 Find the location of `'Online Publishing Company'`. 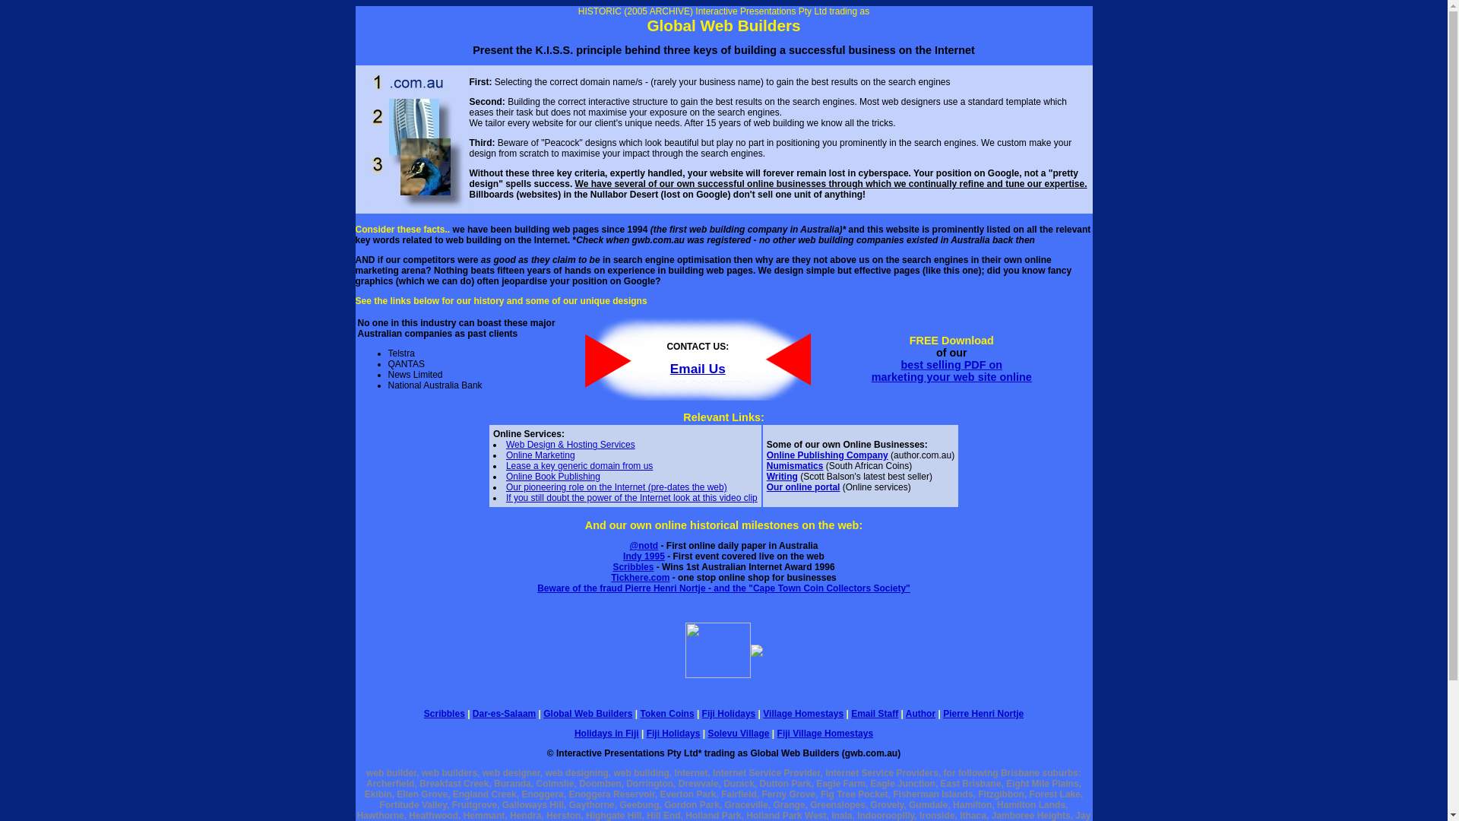

'Online Publishing Company' is located at coordinates (766, 454).